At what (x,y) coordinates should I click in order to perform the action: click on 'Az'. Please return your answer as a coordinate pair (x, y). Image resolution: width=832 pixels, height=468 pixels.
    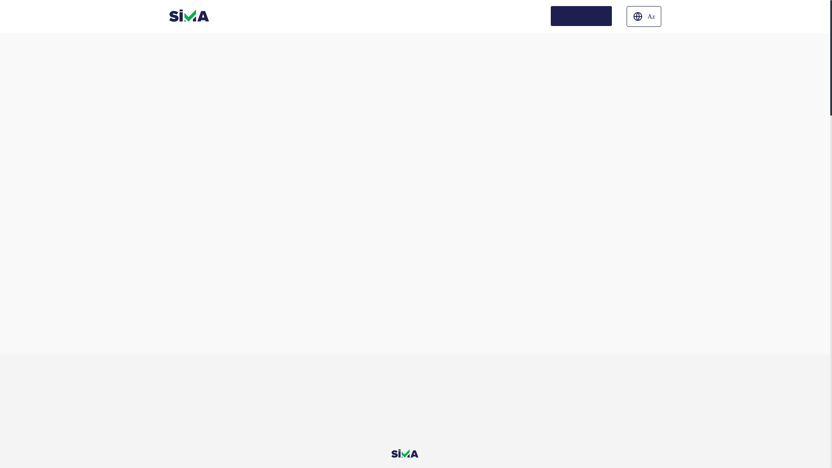
    Looking at the image, I should click on (644, 16).